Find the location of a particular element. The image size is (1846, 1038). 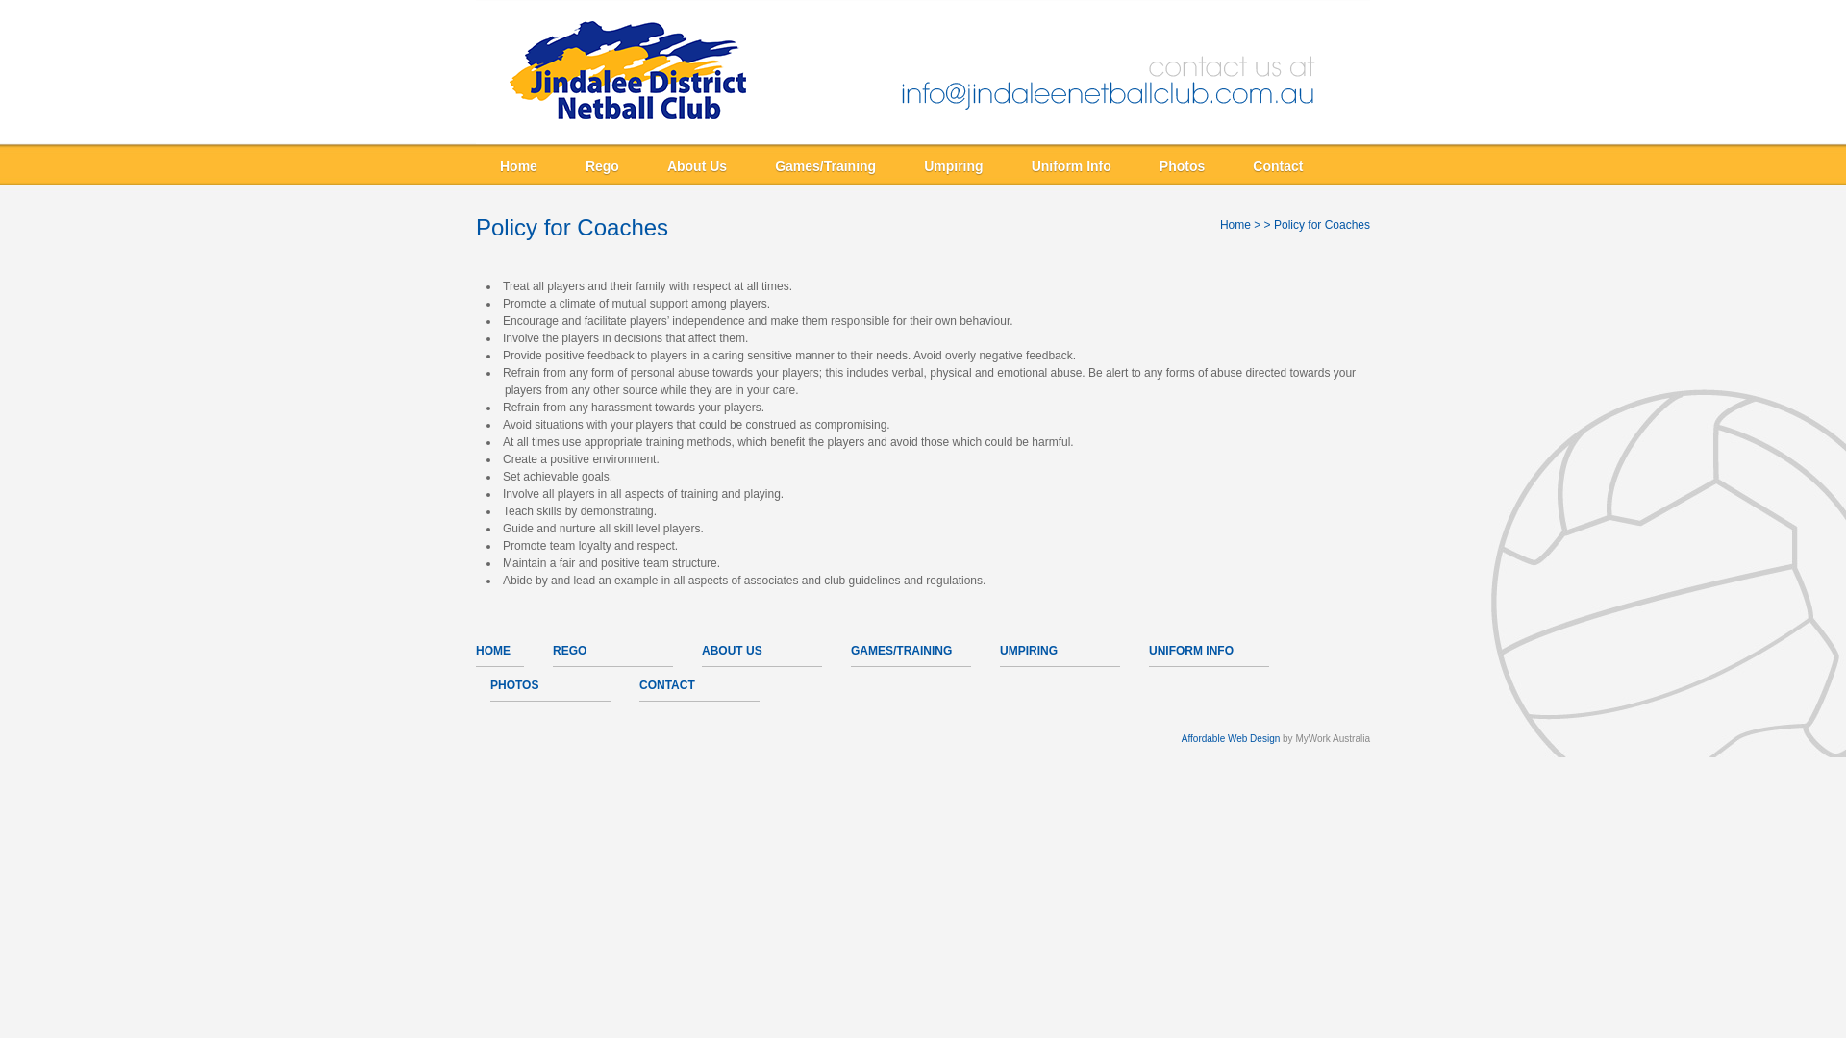

'CONTACT' is located at coordinates (667, 684).